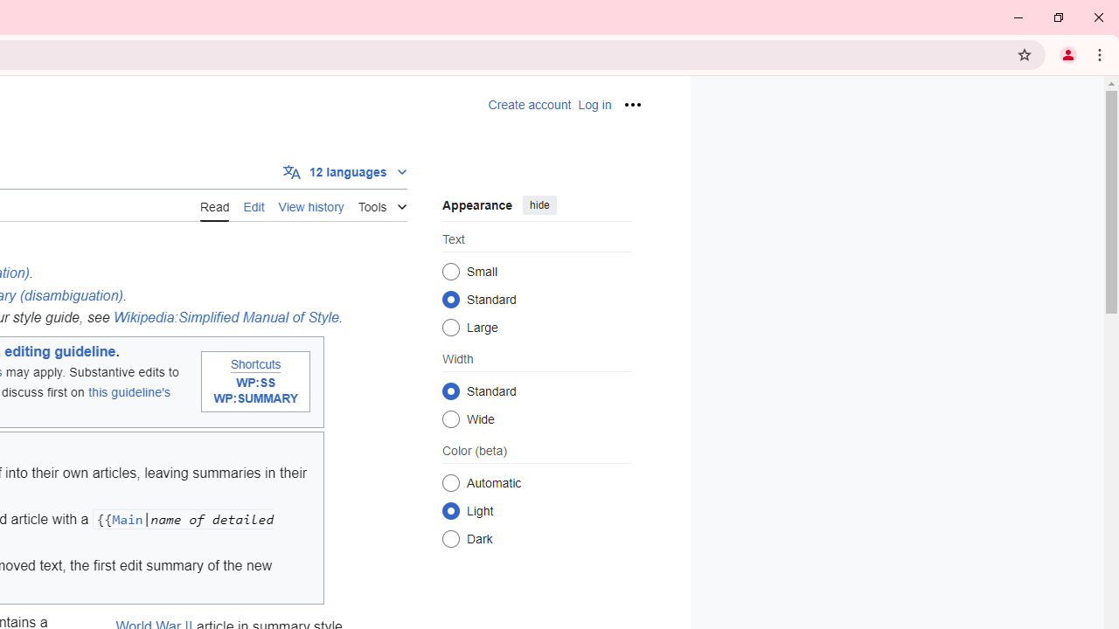 Image resolution: width=1119 pixels, height=629 pixels. Describe the element at coordinates (213, 204) in the screenshot. I see `'Read'` at that location.